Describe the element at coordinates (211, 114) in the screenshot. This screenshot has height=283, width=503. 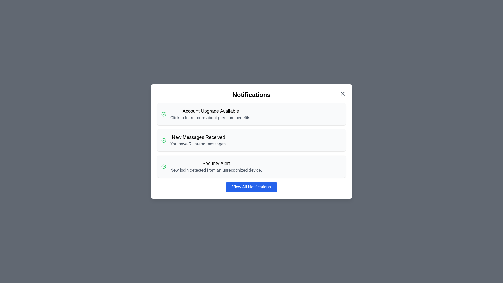
I see `the 'Account Upgrade Available' text within the light-gray card notification to interact with the notification` at that location.